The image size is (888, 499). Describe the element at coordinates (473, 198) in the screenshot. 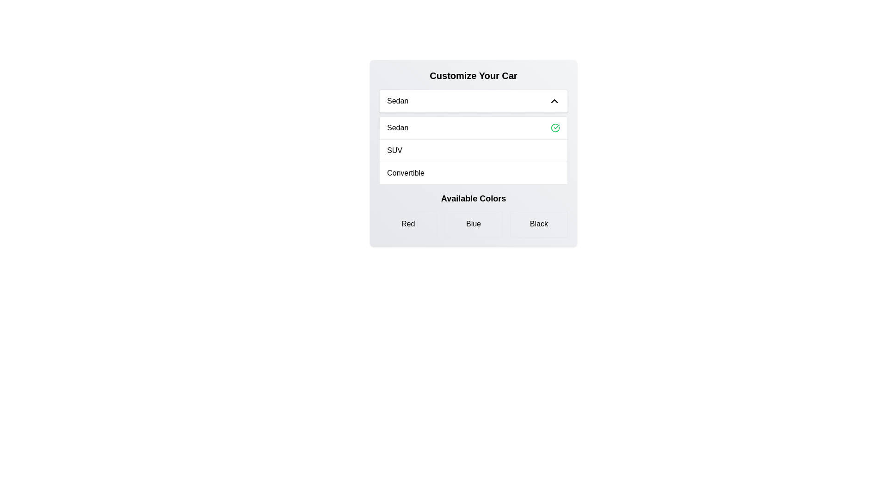

I see `the 'Available Colors' header text label, which is a larger, bold font positioned above the color options in the color selection section` at that location.